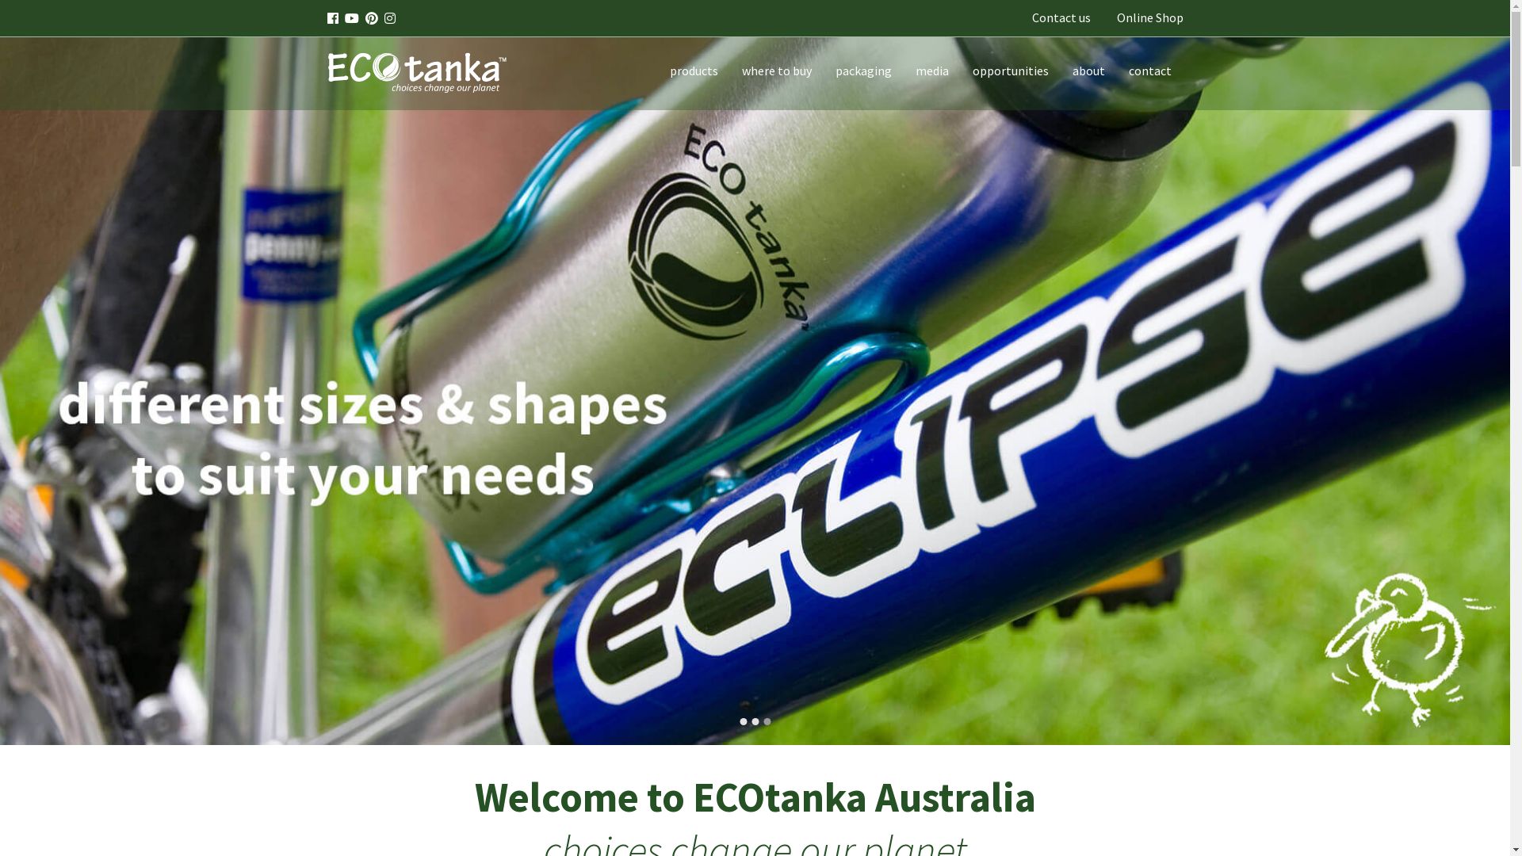  Describe the element at coordinates (350, 18) in the screenshot. I see `'youtube'` at that location.